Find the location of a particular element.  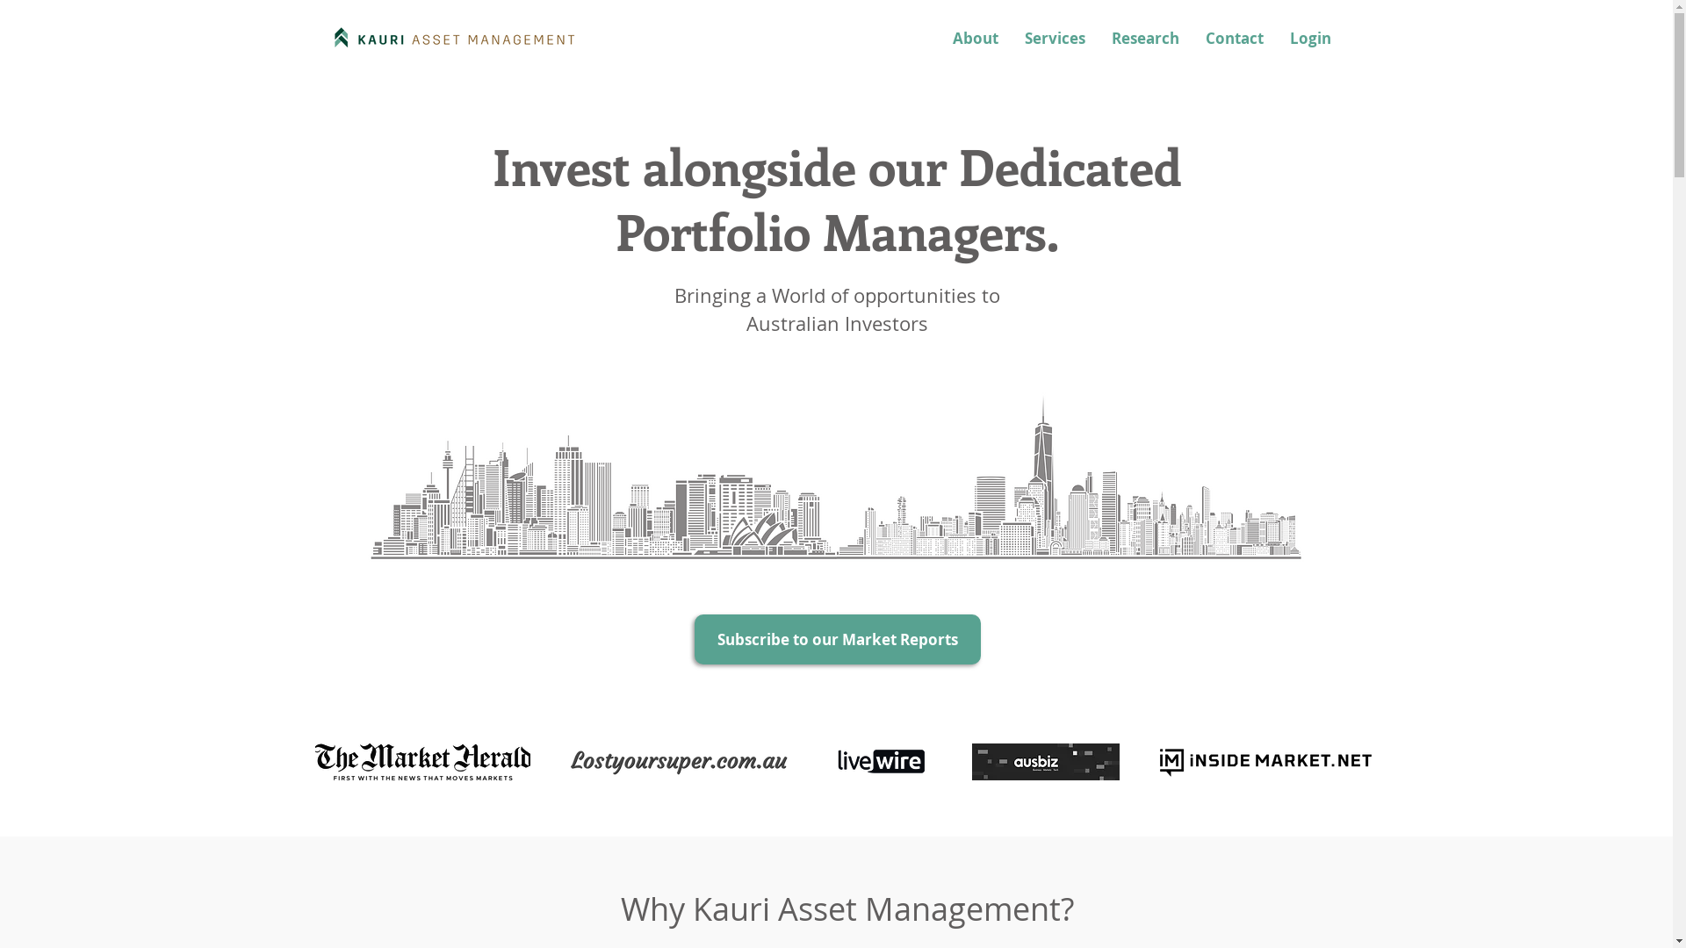

'Research' is located at coordinates (1144, 38).